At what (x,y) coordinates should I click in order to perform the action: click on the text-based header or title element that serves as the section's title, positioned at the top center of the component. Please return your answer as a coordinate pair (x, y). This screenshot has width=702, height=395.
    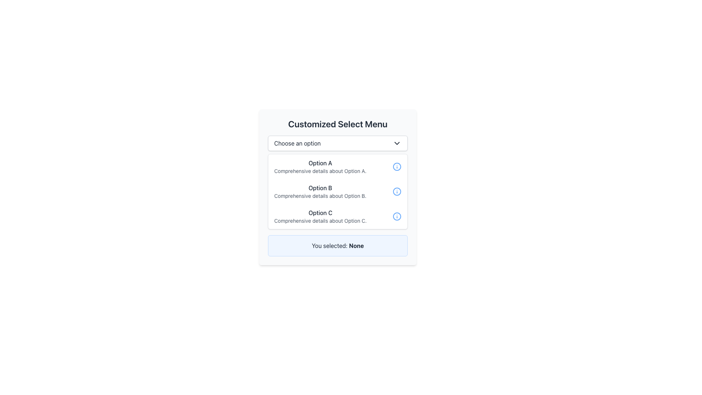
    Looking at the image, I should click on (337, 124).